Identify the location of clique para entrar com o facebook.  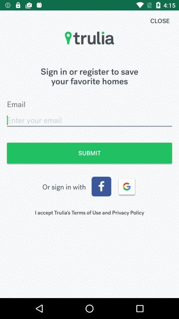
(101, 186).